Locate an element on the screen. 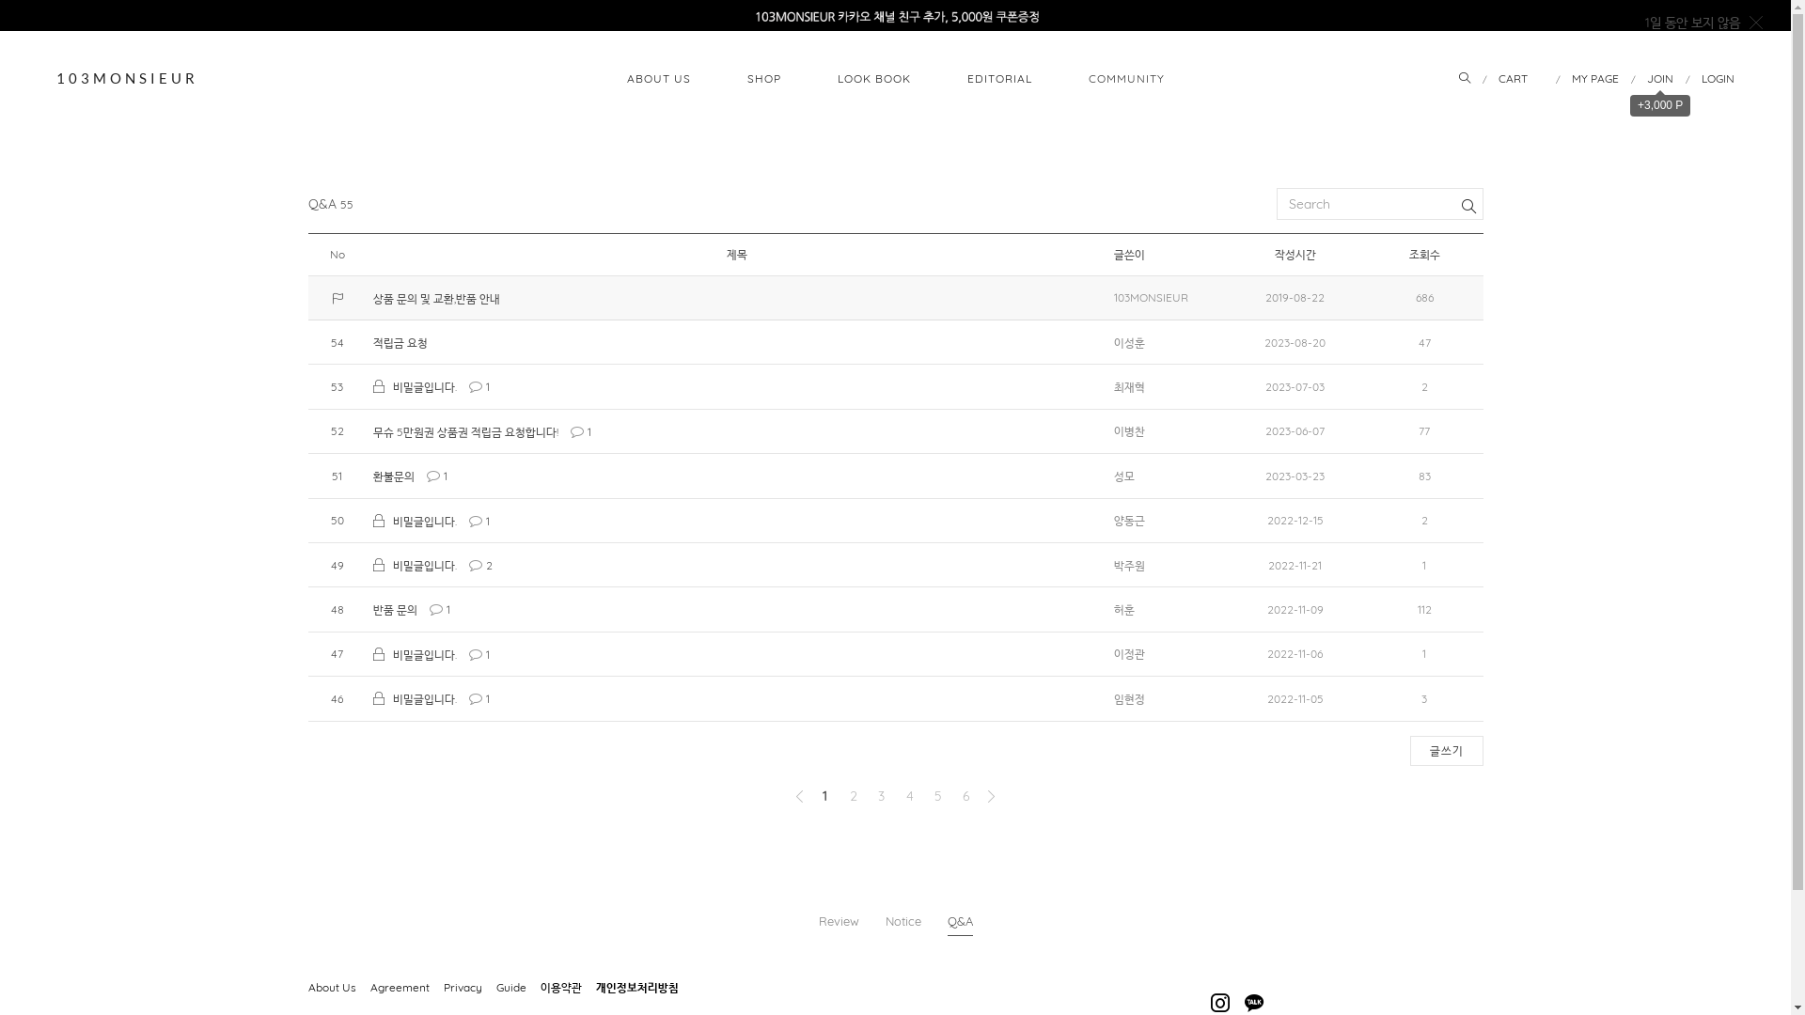  '1' is located at coordinates (813, 796).